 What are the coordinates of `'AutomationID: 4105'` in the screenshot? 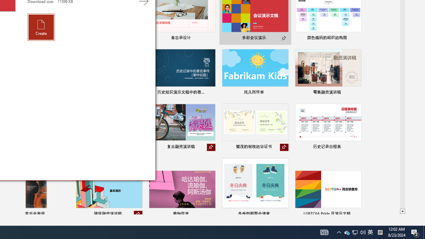 It's located at (324, 232).